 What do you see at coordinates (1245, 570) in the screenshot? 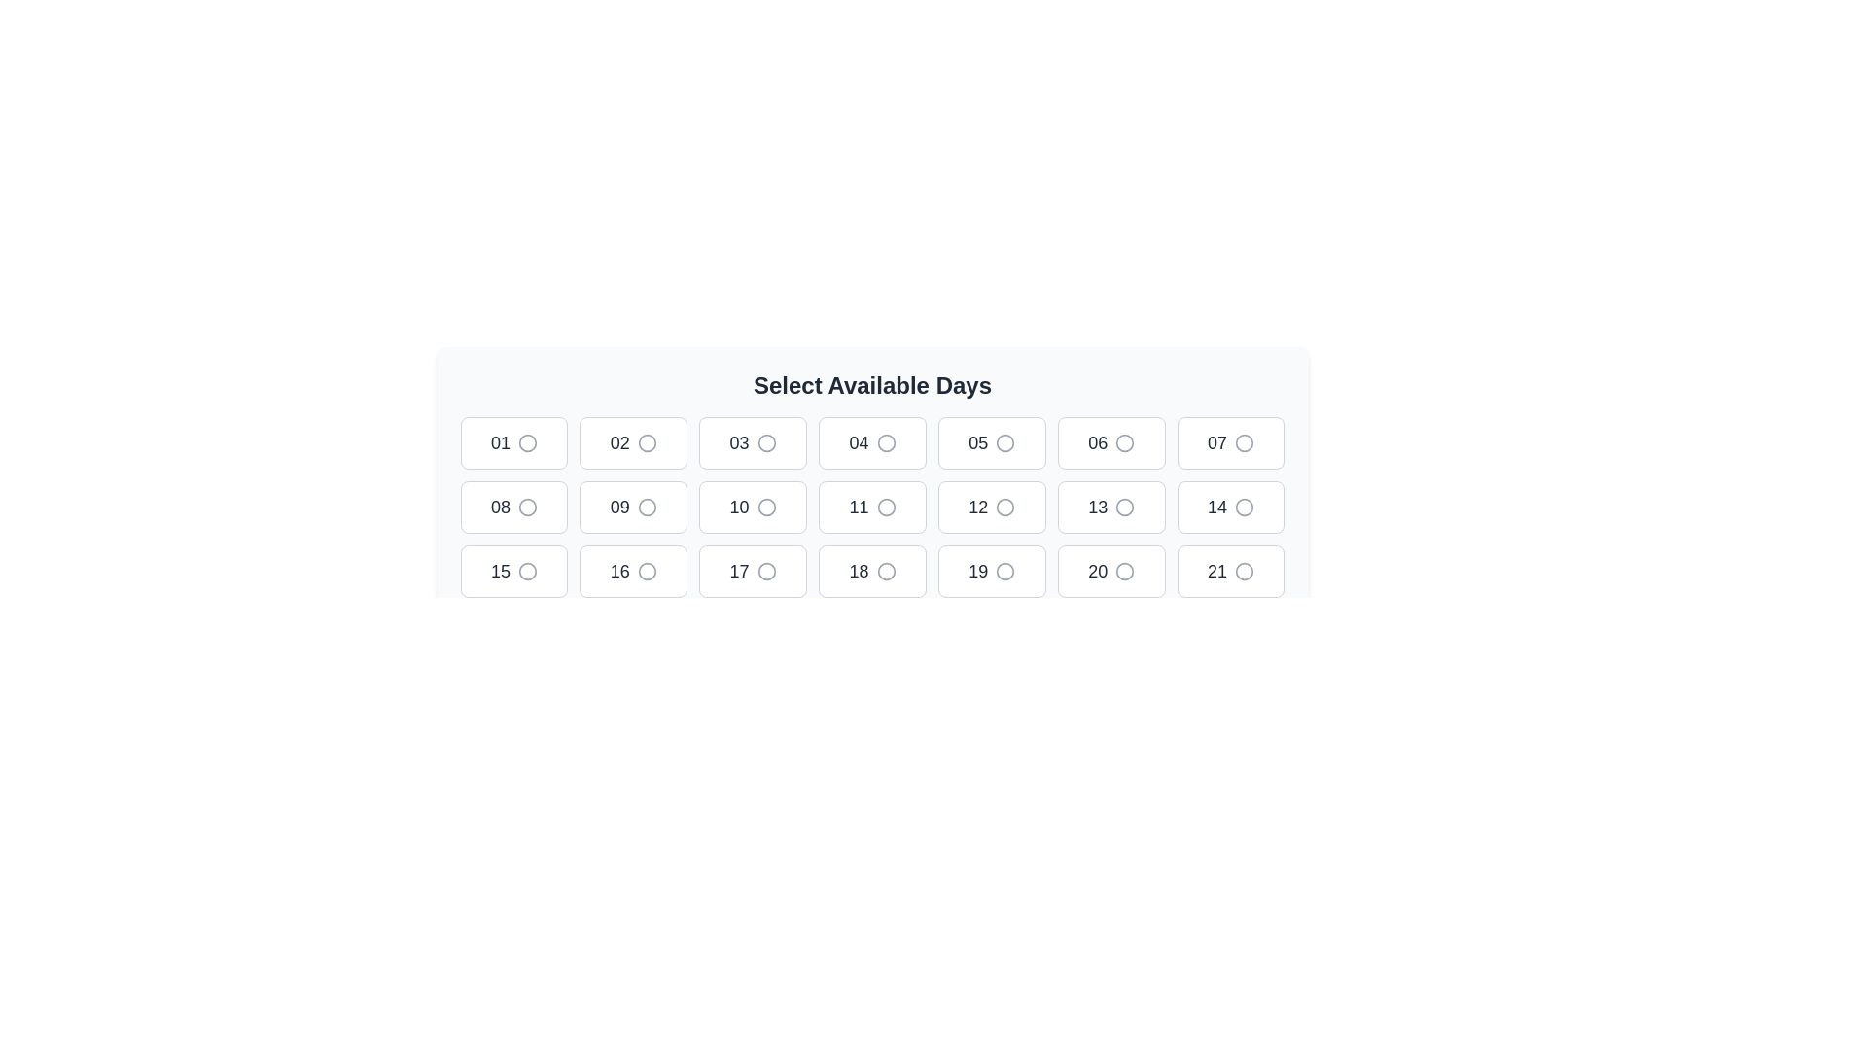
I see `the gray circular icon located to the right of the number '21' in the 5th row and 7th column of the grid layout` at bounding box center [1245, 570].